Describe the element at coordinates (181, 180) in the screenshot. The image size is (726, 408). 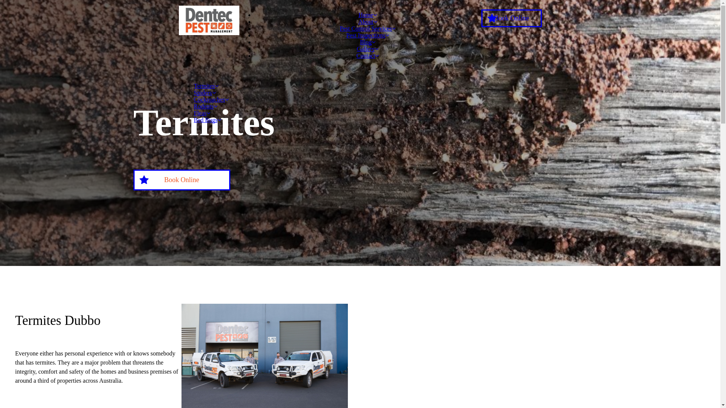
I see `'Book Online'` at that location.